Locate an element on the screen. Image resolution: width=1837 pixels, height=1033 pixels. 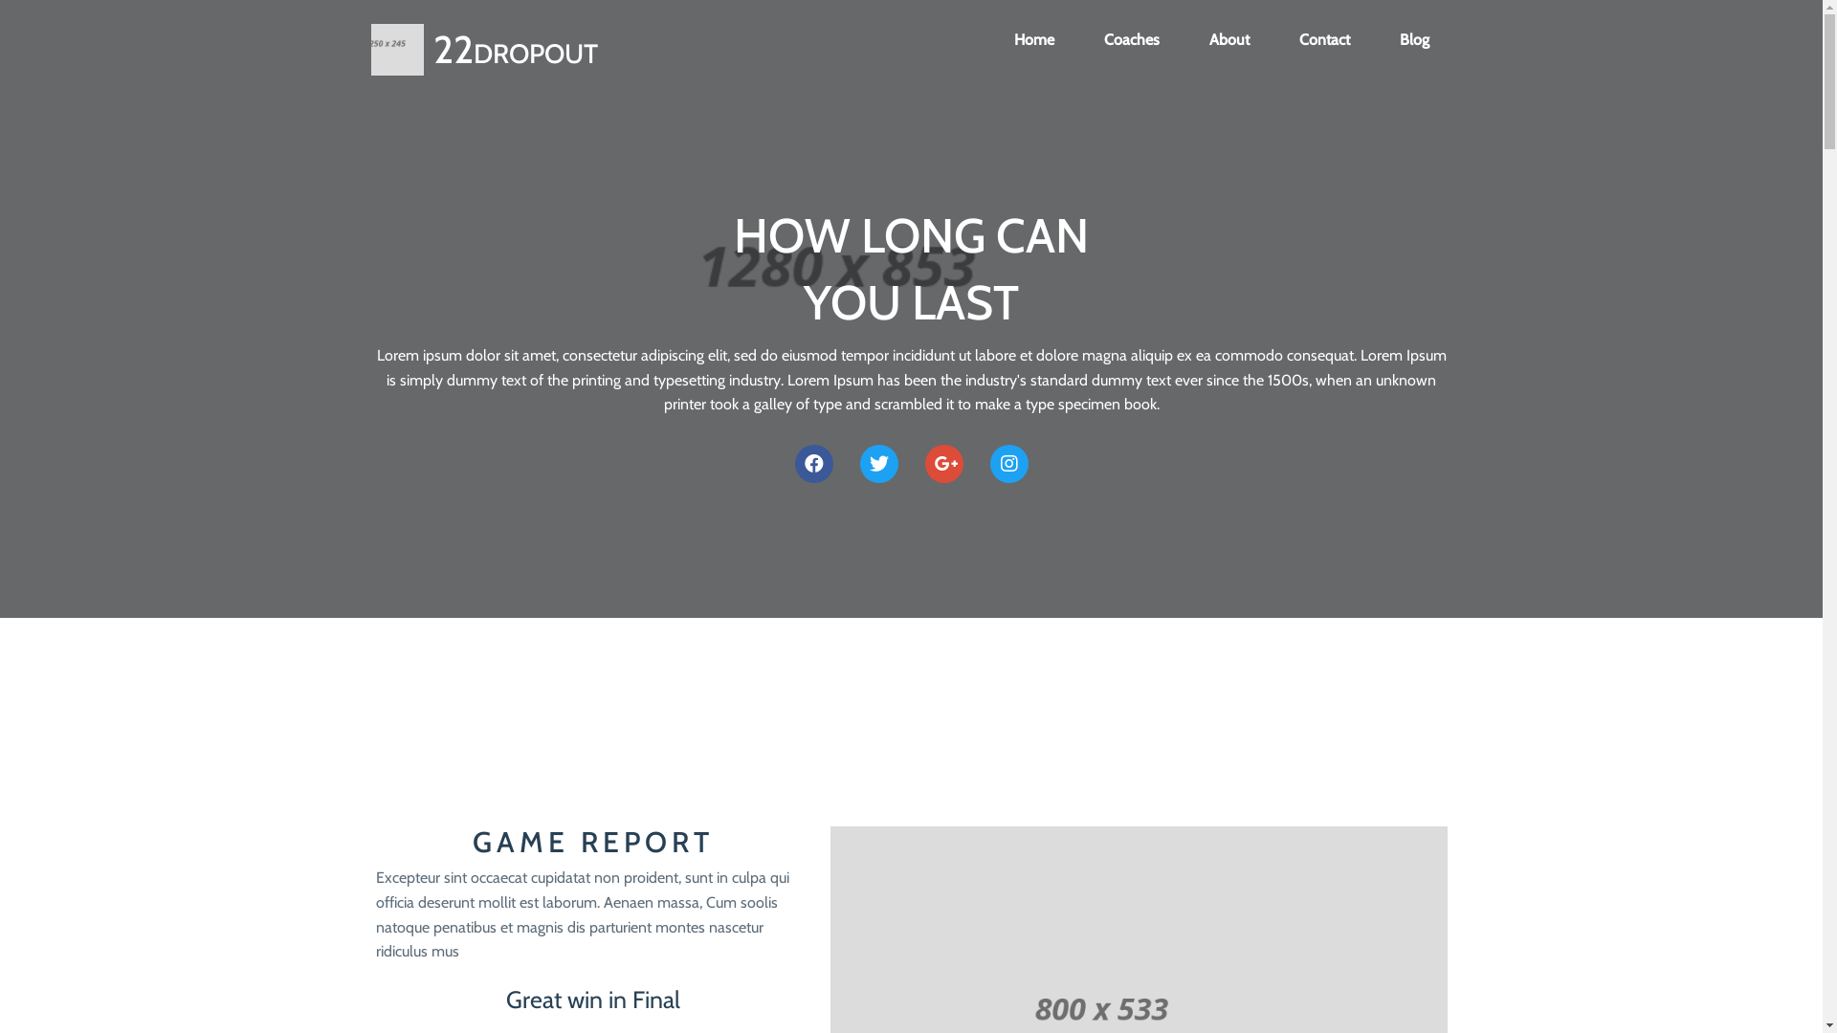
'About' is located at coordinates (1229, 40).